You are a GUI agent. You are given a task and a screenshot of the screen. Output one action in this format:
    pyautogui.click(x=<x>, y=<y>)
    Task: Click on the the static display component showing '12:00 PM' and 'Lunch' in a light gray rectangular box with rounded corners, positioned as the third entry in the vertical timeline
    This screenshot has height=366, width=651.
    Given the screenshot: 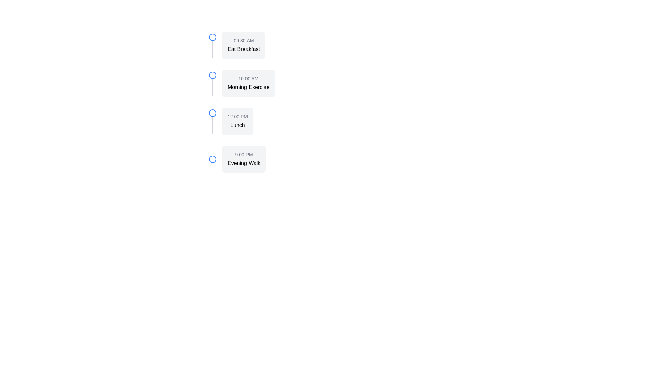 What is the action you would take?
    pyautogui.click(x=237, y=121)
    